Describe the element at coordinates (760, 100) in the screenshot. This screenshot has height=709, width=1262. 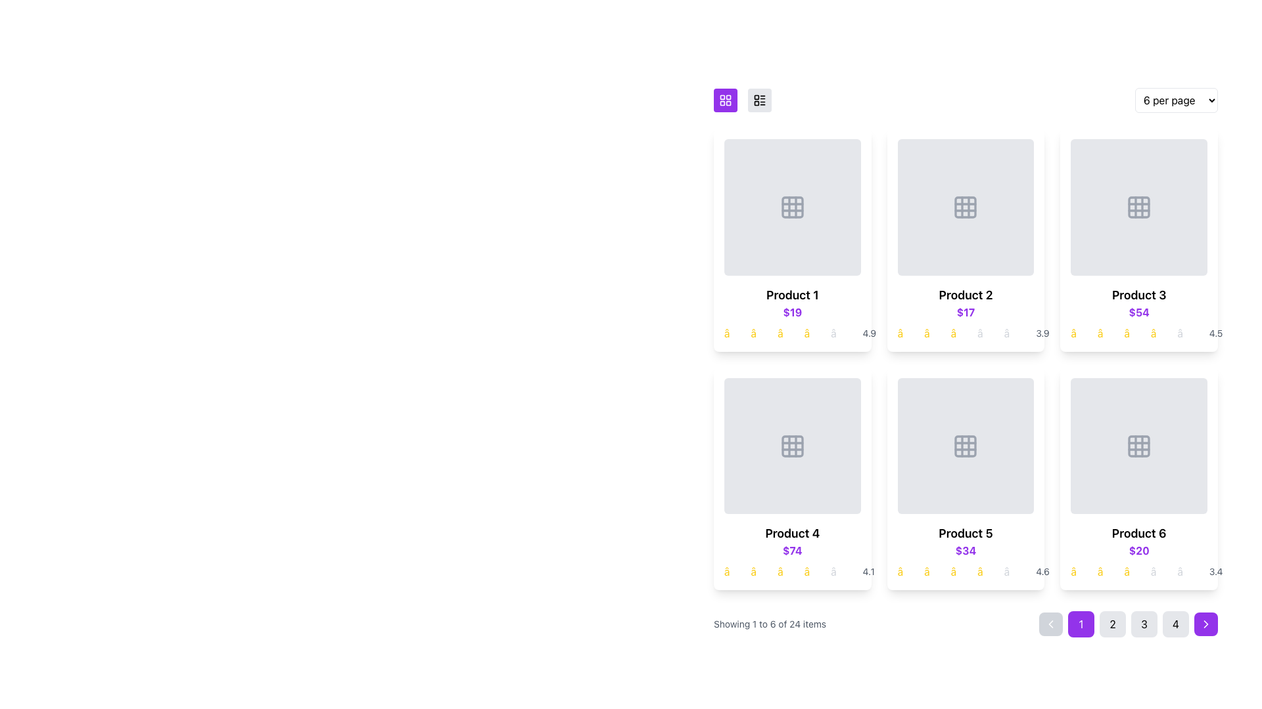
I see `the layout list icon button located in the top-right of the interface for information` at that location.